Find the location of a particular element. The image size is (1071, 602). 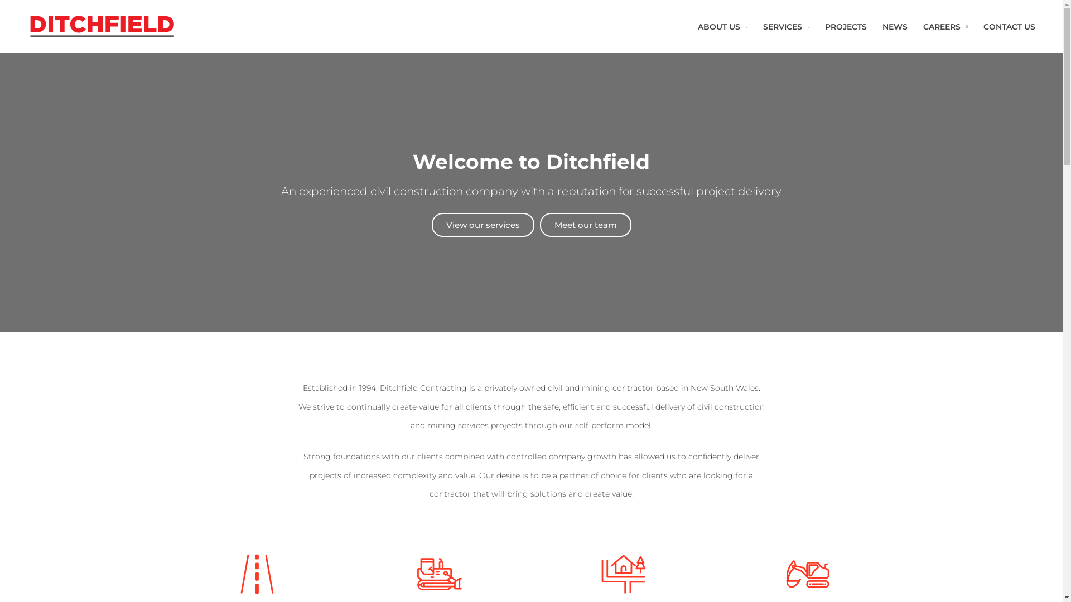

'SERVICES' is located at coordinates (785, 26).